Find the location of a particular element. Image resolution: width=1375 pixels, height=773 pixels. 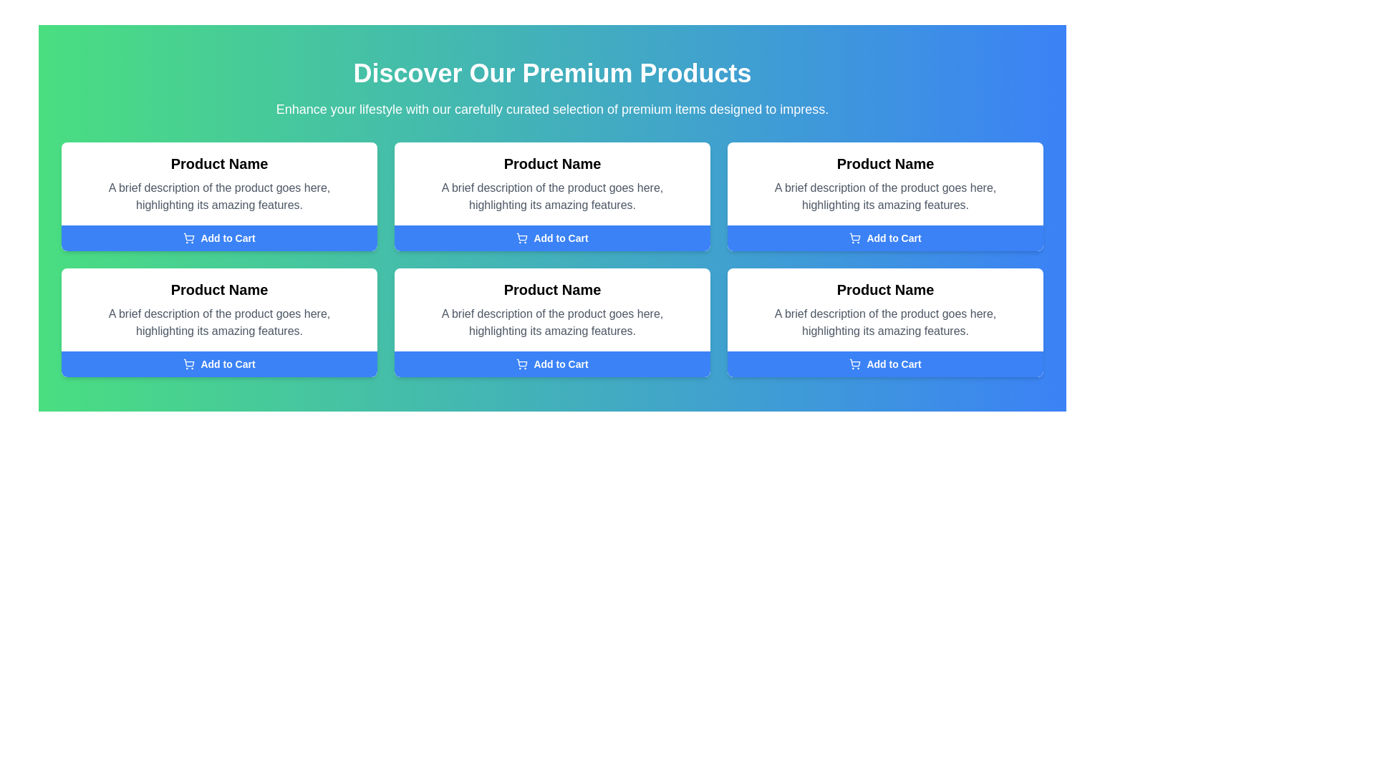

the fourth 'Add to Cart' button located in the bottom-right content card of the product grid is located at coordinates (884, 364).